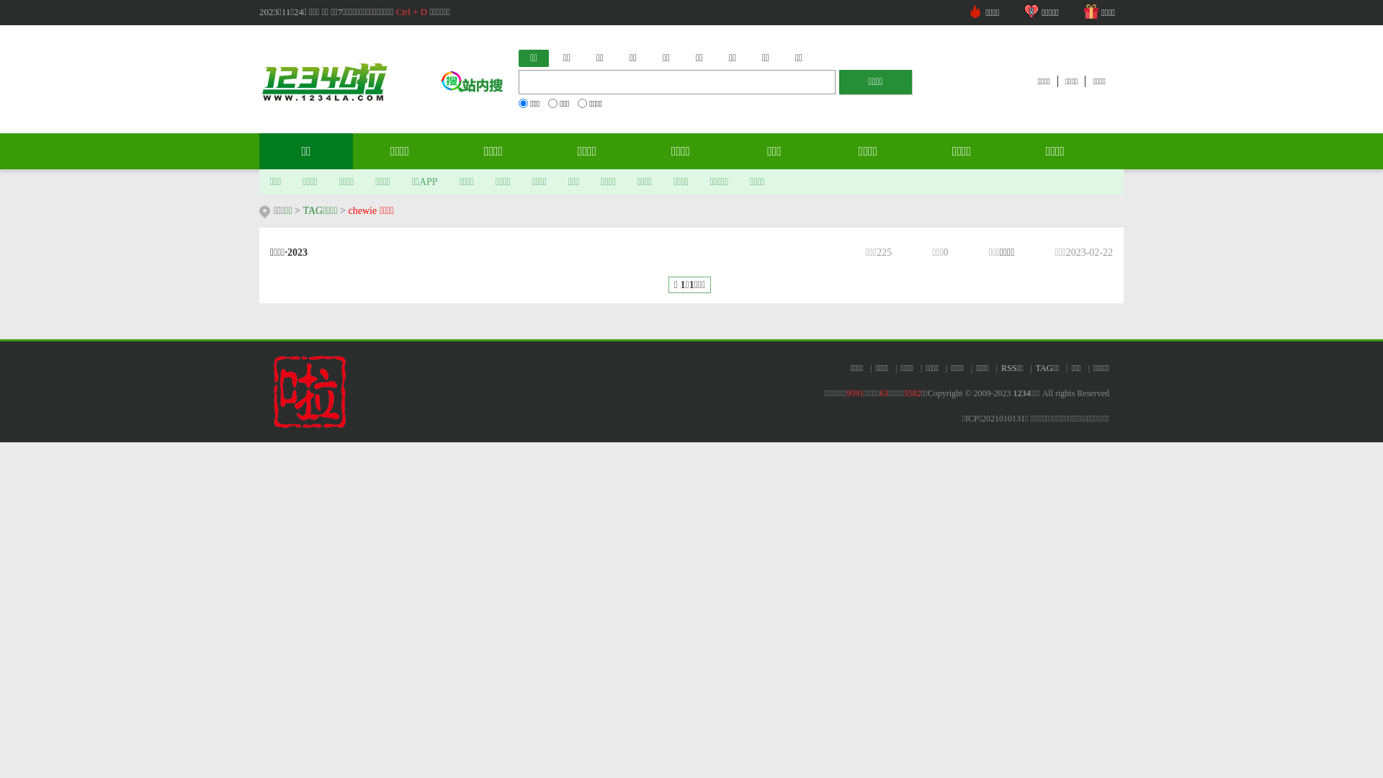 The image size is (1383, 778). What do you see at coordinates (547, 102) in the screenshot?
I see `'on'` at bounding box center [547, 102].